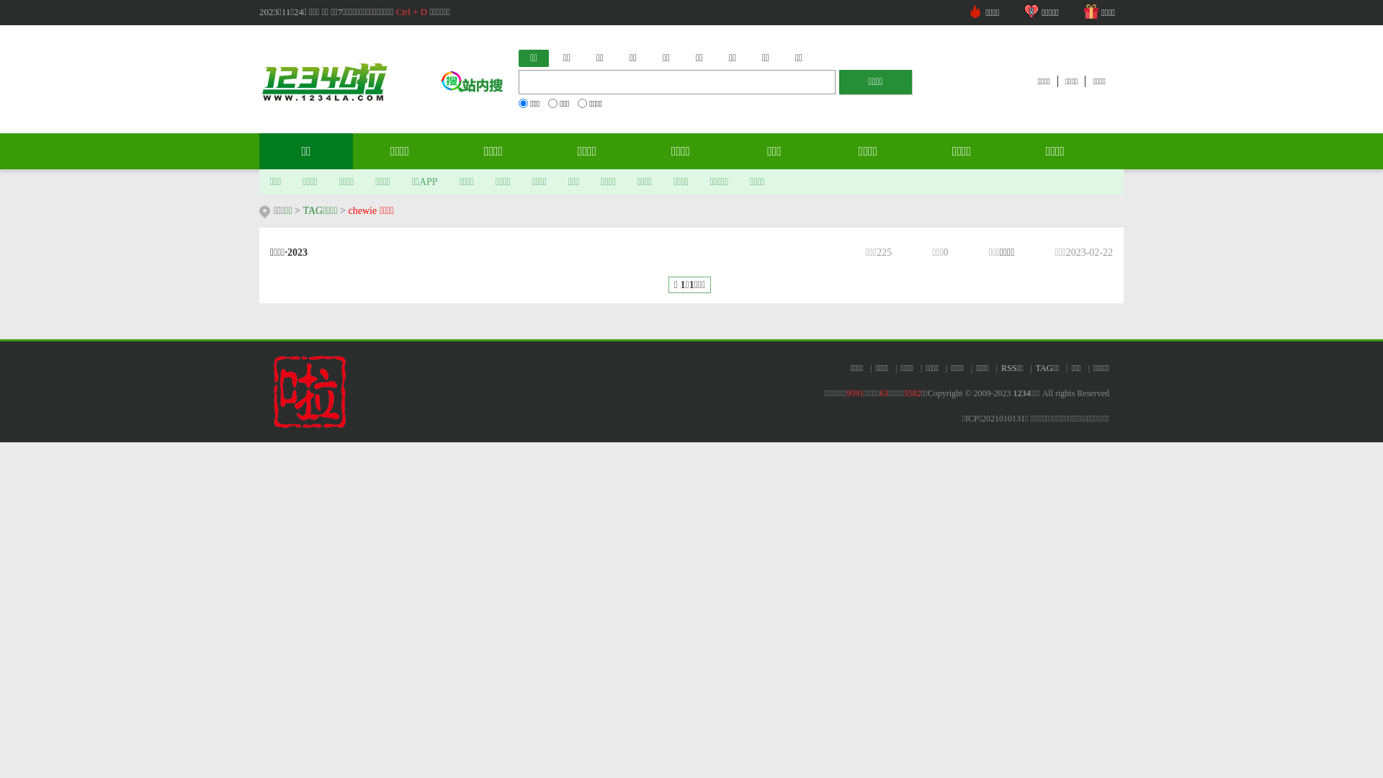 The image size is (1383, 778). What do you see at coordinates (547, 102) in the screenshot?
I see `'on'` at bounding box center [547, 102].